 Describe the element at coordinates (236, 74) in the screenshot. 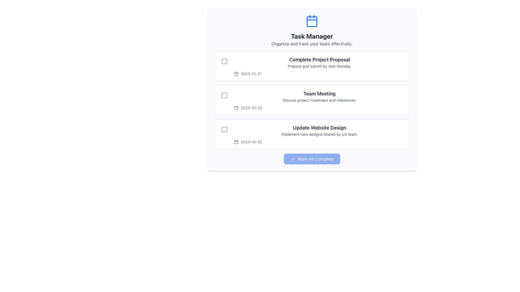

I see `the date icon located to the left of the '2023-10-21' text within the 'Complete Project Proposal' row` at that location.